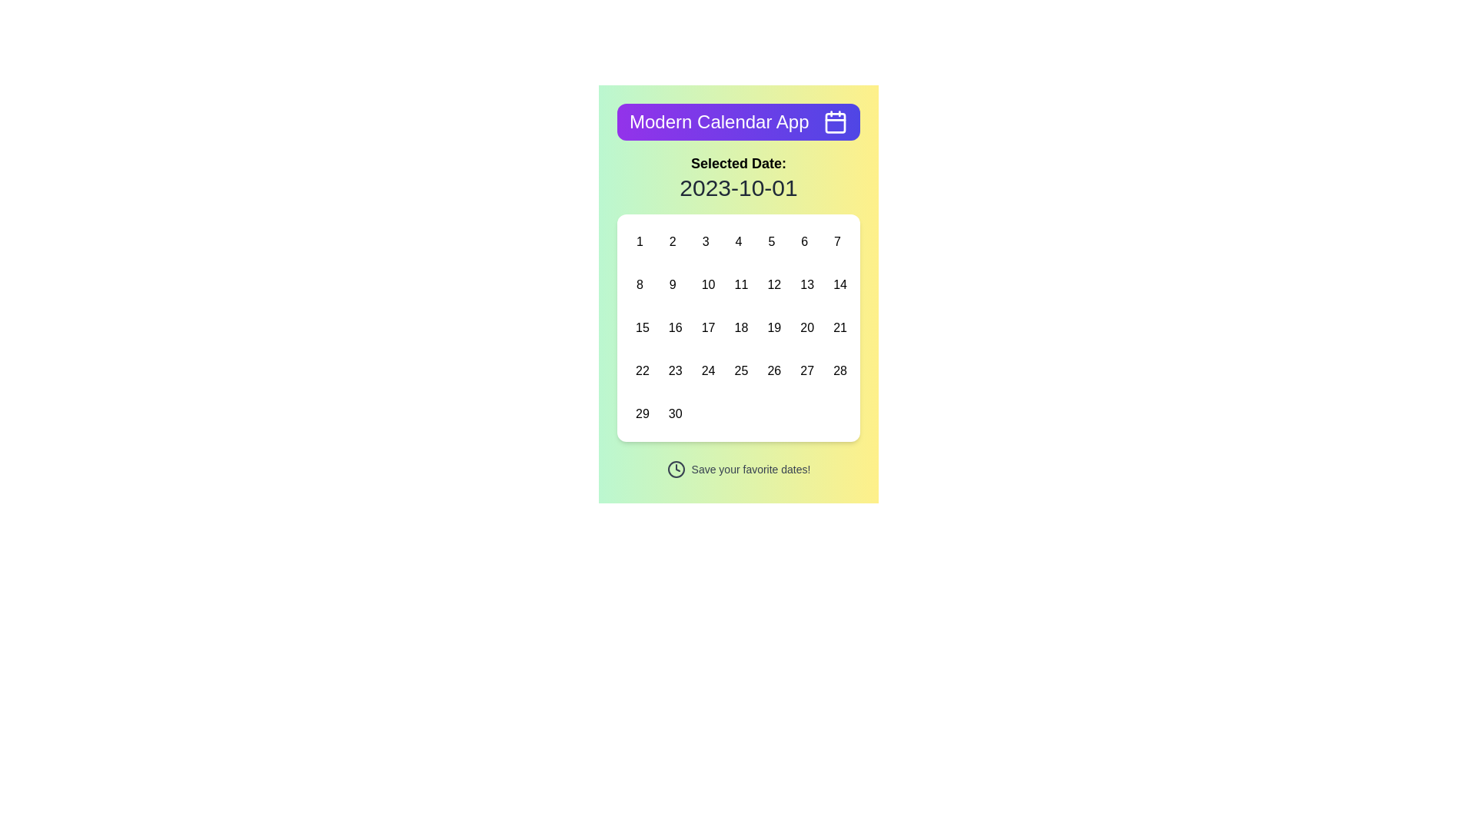  Describe the element at coordinates (738, 242) in the screenshot. I see `the square button labeled '4' in the calendar grid` at that location.